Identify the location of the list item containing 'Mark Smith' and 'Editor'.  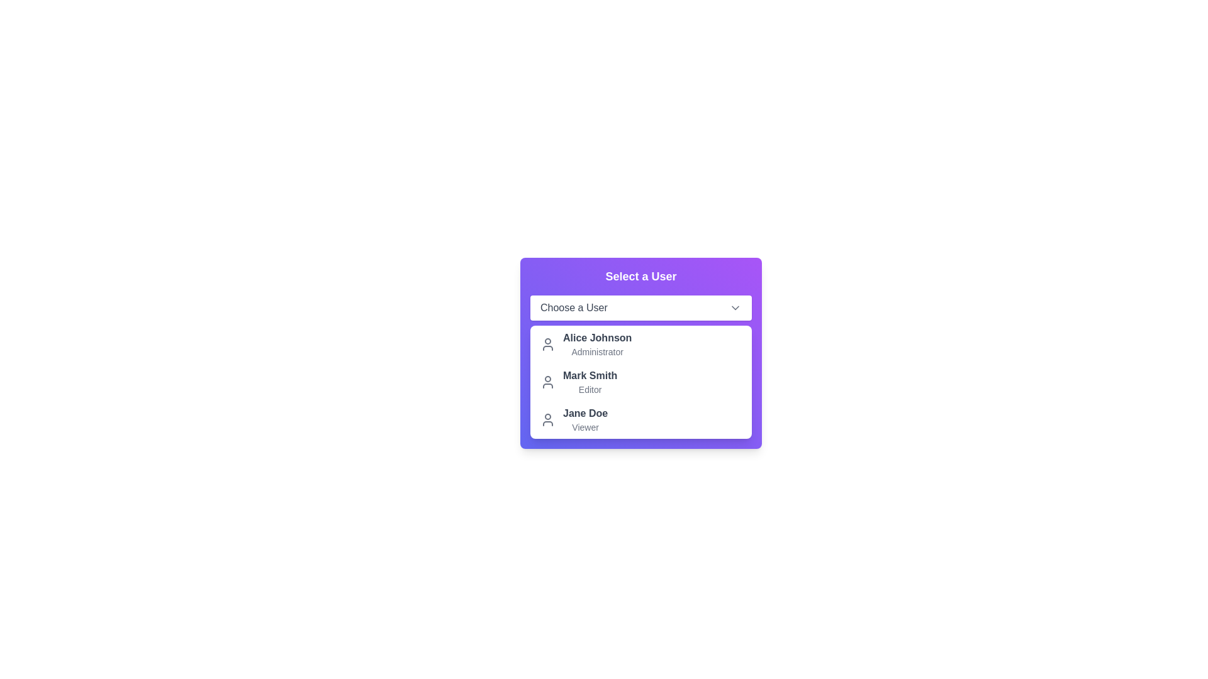
(640, 382).